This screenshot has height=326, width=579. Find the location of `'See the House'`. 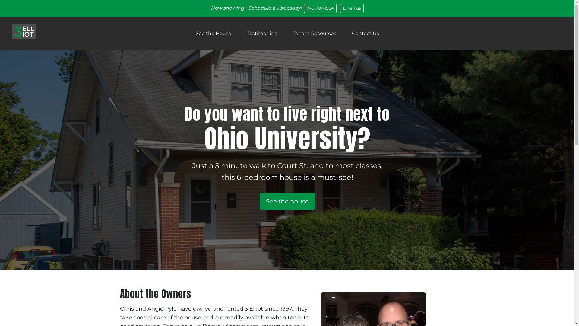

'See the House' is located at coordinates (213, 34).